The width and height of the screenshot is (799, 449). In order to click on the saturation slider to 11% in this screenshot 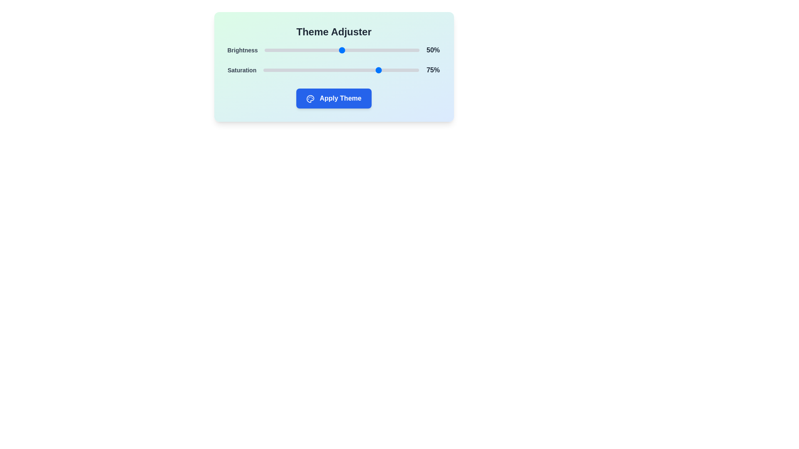, I will do `click(280, 70)`.